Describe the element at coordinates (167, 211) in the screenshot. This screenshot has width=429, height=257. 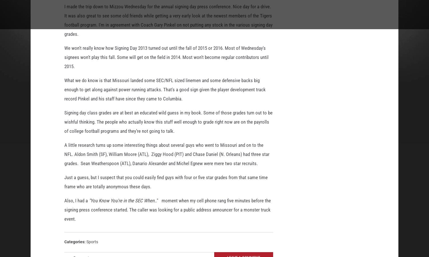
I see `'"   moment when my cell phone rang five minutes before the signing press conference started. The caller was looking for a public address announcer for a monster truck event.'` at that location.